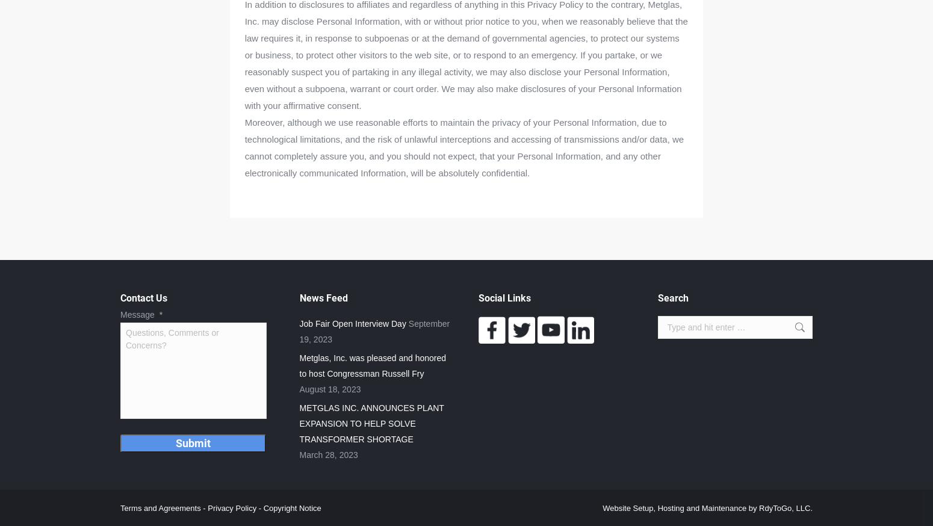 Image resolution: width=933 pixels, height=526 pixels. I want to click on '*', so click(161, 315).